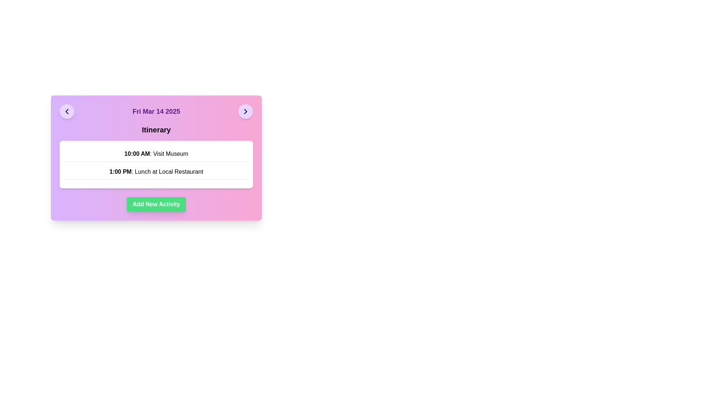 This screenshot has height=395, width=703. I want to click on the rectangular green button labeled 'Add New Activity' located beneath the itinerary items, so click(156, 204).